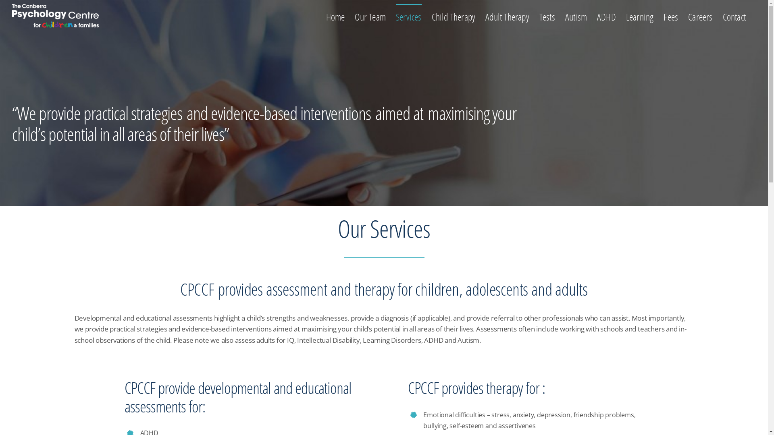 The width and height of the screenshot is (774, 435). What do you see at coordinates (597, 16) in the screenshot?
I see `'ADHD'` at bounding box center [597, 16].